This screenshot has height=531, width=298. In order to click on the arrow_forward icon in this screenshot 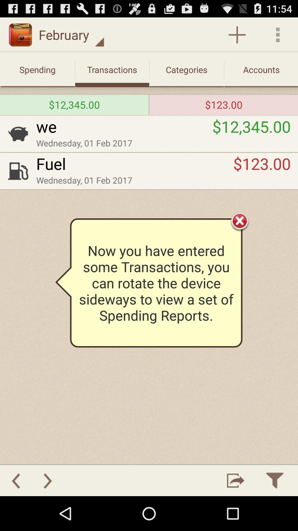, I will do `click(47, 514)`.